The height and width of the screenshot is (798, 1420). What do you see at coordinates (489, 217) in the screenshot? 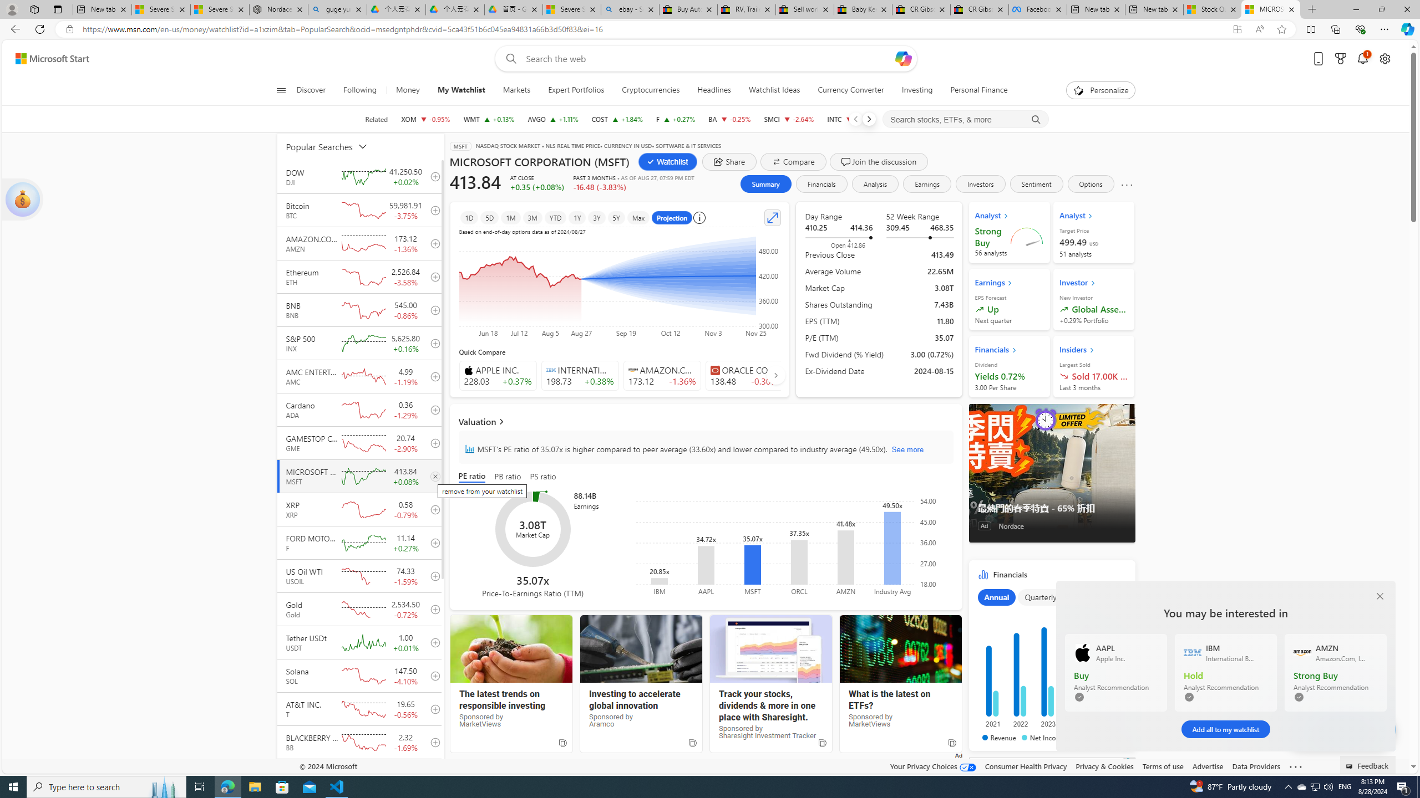
I see `'5D'` at bounding box center [489, 217].